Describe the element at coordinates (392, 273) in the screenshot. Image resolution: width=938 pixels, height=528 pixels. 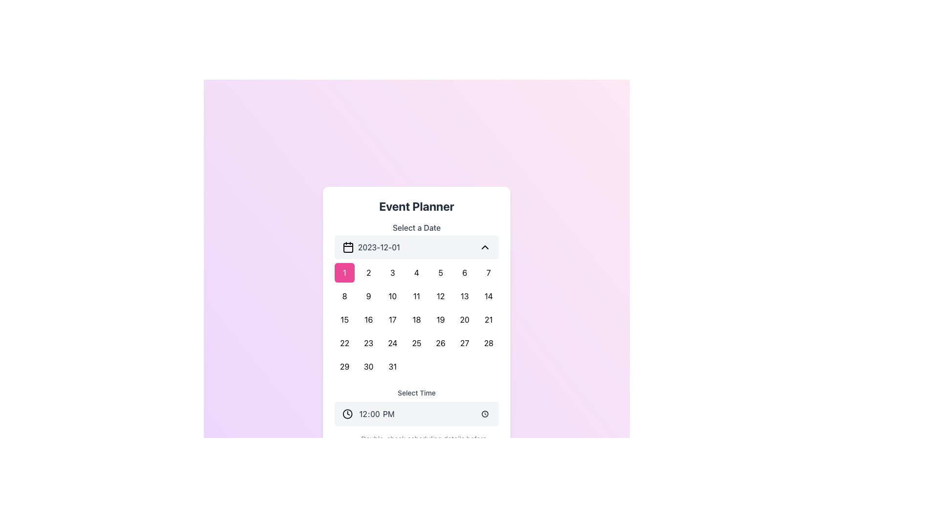
I see `the '3rd' day button in the calendar` at that location.